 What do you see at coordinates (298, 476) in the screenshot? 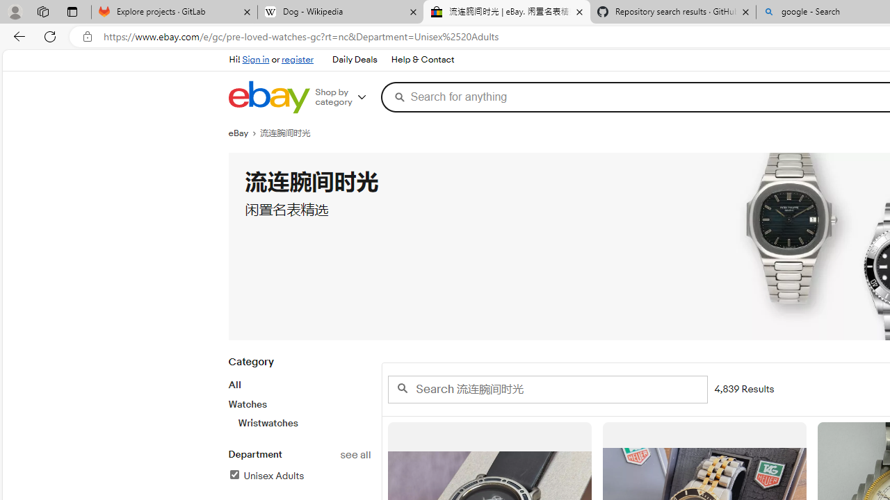
I see `'Unisex AdultsFilter Applied'` at bounding box center [298, 476].